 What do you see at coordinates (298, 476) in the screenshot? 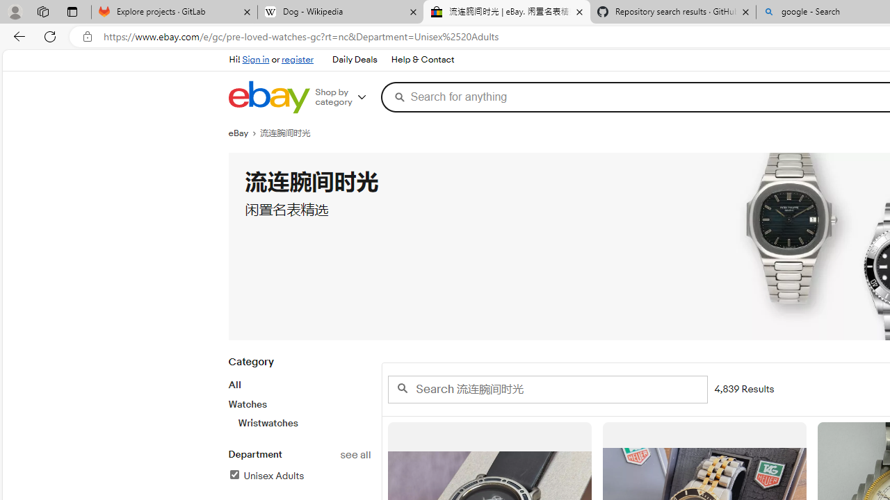
I see `'Unisex AdultsFilter Applied'` at bounding box center [298, 476].